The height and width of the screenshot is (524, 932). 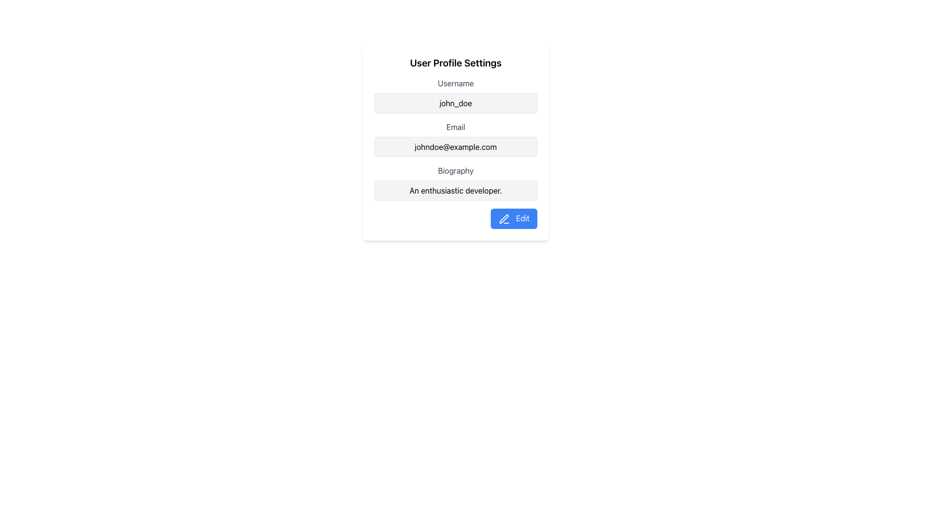 What do you see at coordinates (455, 170) in the screenshot?
I see `the Text label that serves as a header for the descriptive text about a user profile, which is positioned directly above the text 'An enthusiastic developer.'` at bounding box center [455, 170].